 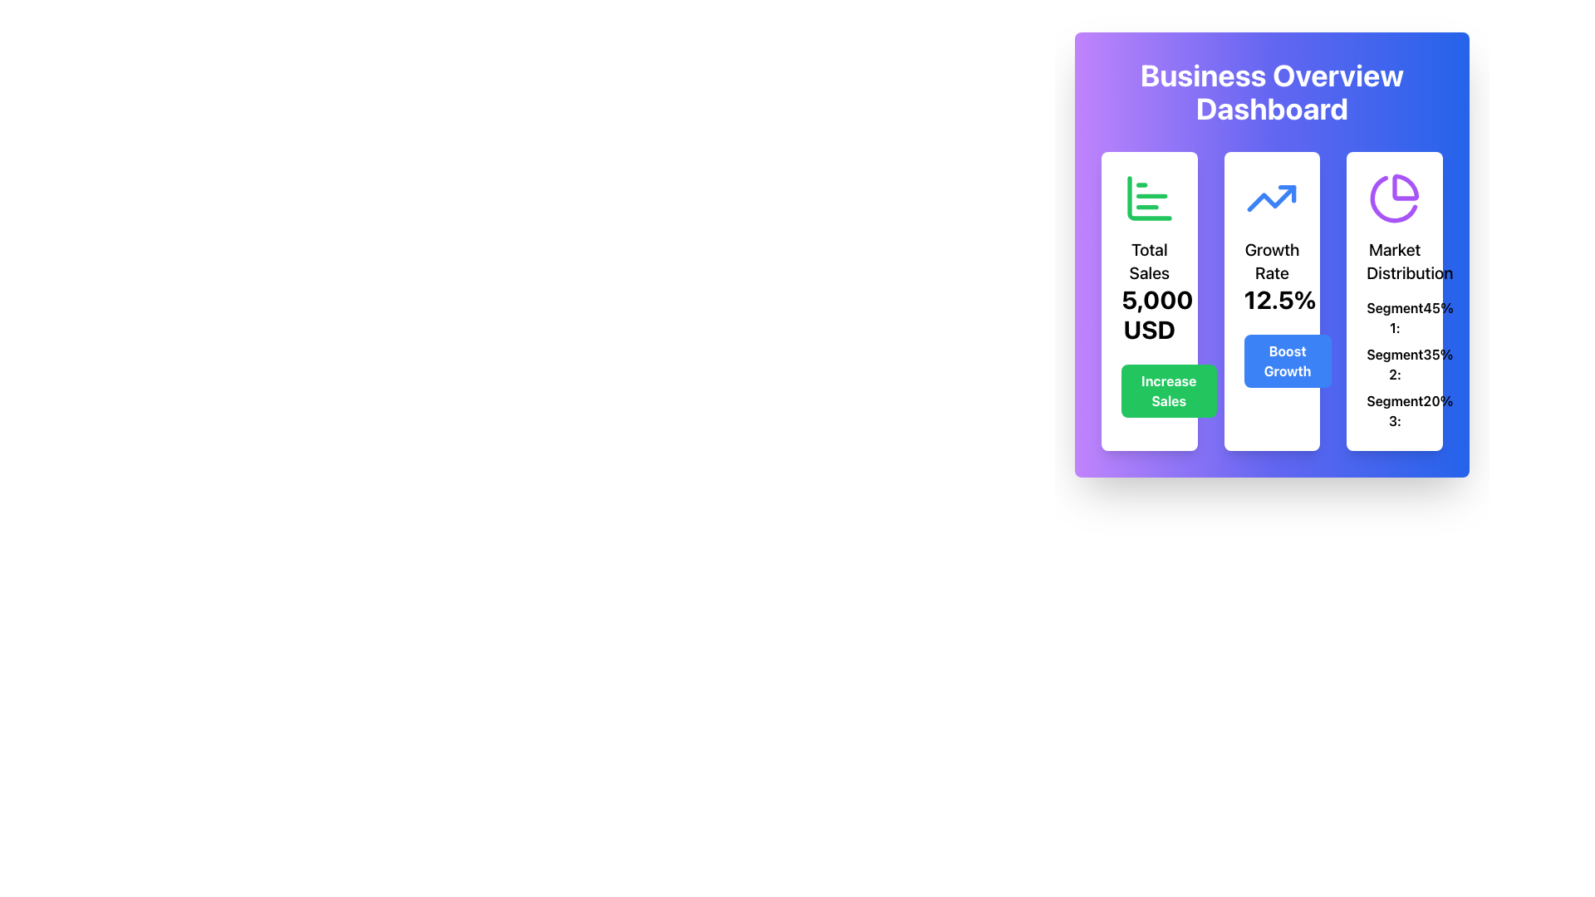 I want to click on the actionable button located below the 'Total Sales' text and '5,000 USD' value, so click(x=1168, y=390).